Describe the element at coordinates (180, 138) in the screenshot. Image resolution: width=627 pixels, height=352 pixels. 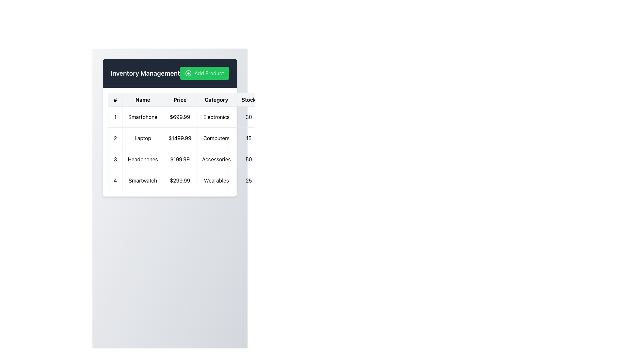
I see `the static text element displaying the price "$1499.99" in the table, located in the third column of the second row under the 'Price' label` at that location.